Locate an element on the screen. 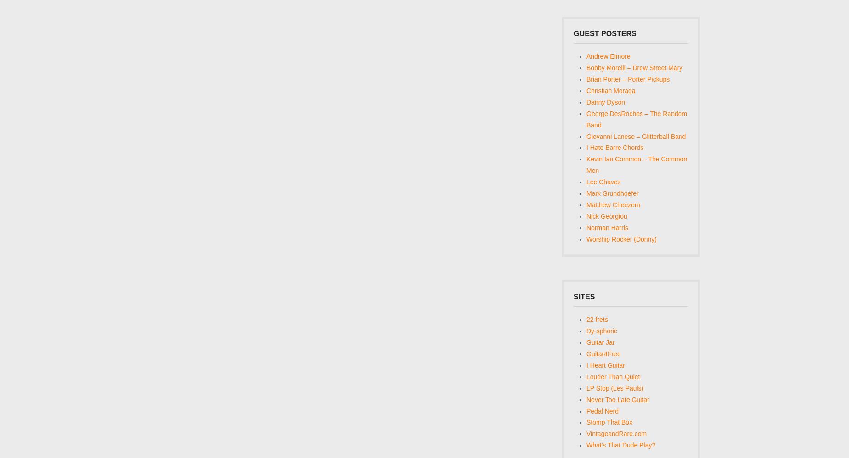 The height and width of the screenshot is (458, 849). 'Christian Moraga' is located at coordinates (586, 90).